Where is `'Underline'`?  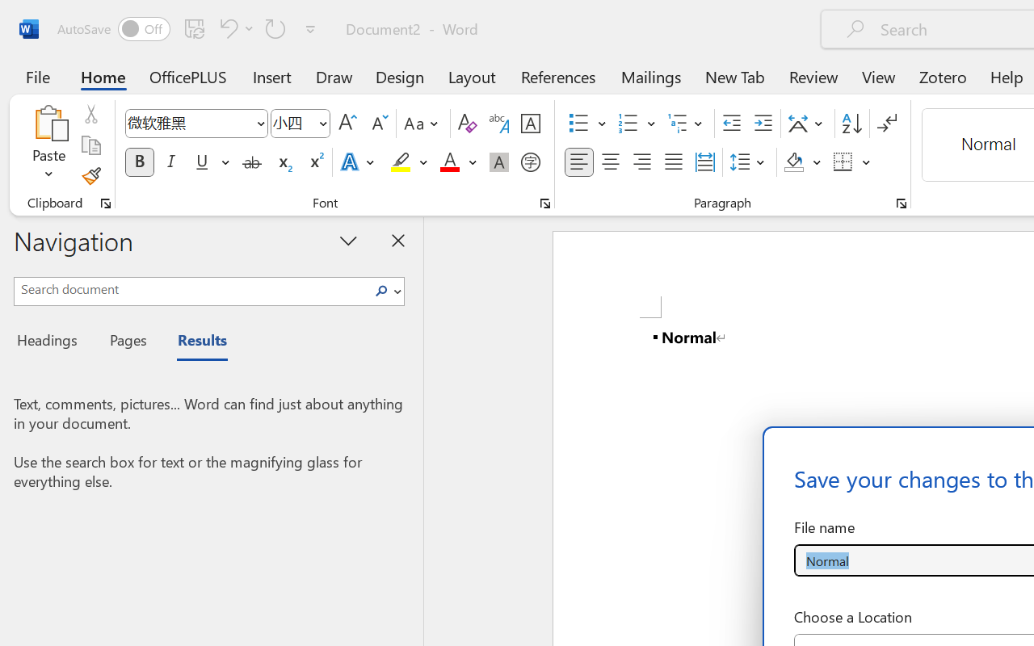
'Underline' is located at coordinates (210, 162).